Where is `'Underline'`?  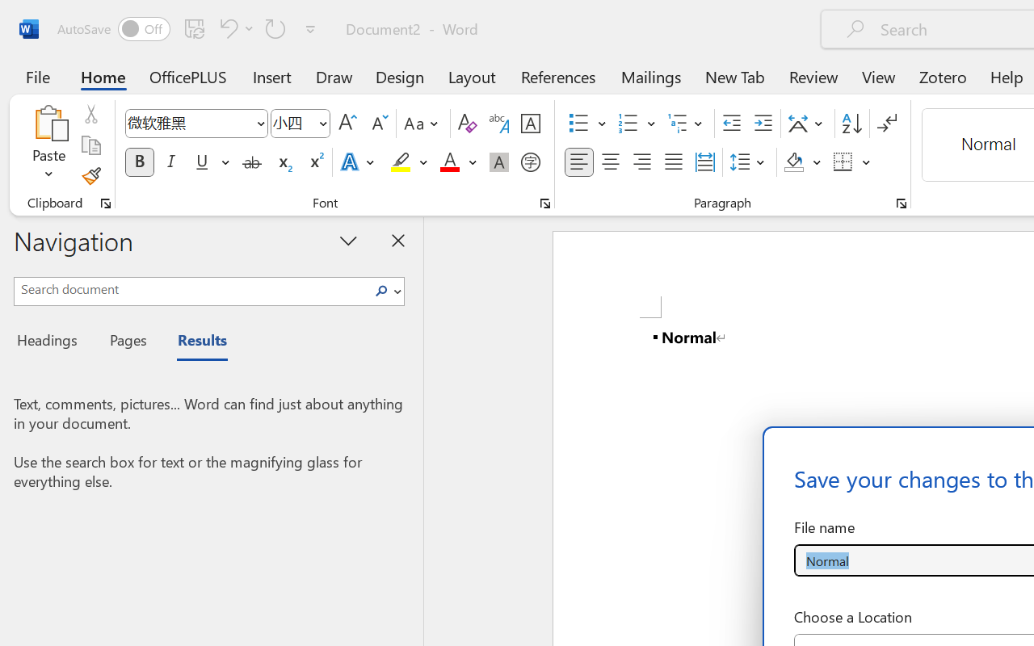
'Underline' is located at coordinates (210, 162).